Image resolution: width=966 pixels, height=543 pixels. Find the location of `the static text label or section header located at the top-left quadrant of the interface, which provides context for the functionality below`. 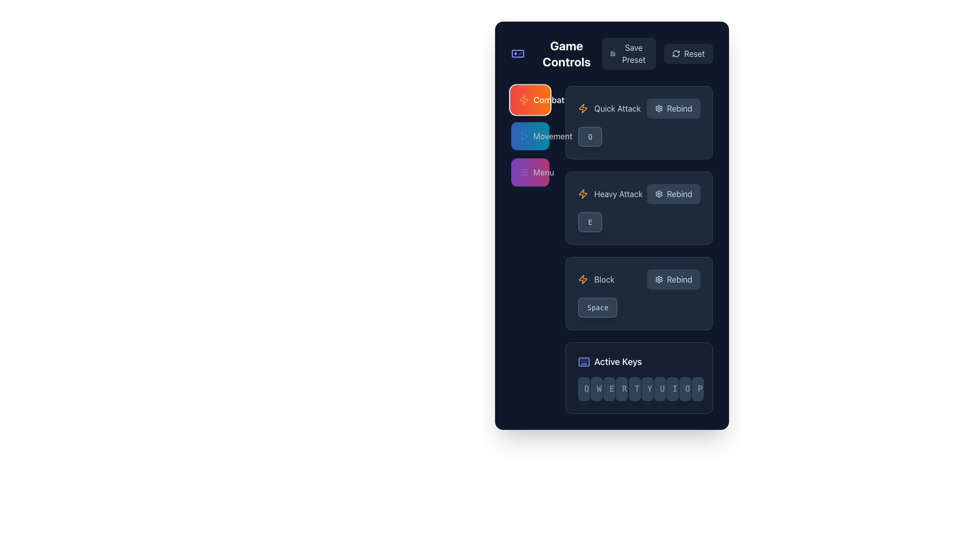

the static text label or section header located at the top-left quadrant of the interface, which provides context for the functionality below is located at coordinates (567, 54).